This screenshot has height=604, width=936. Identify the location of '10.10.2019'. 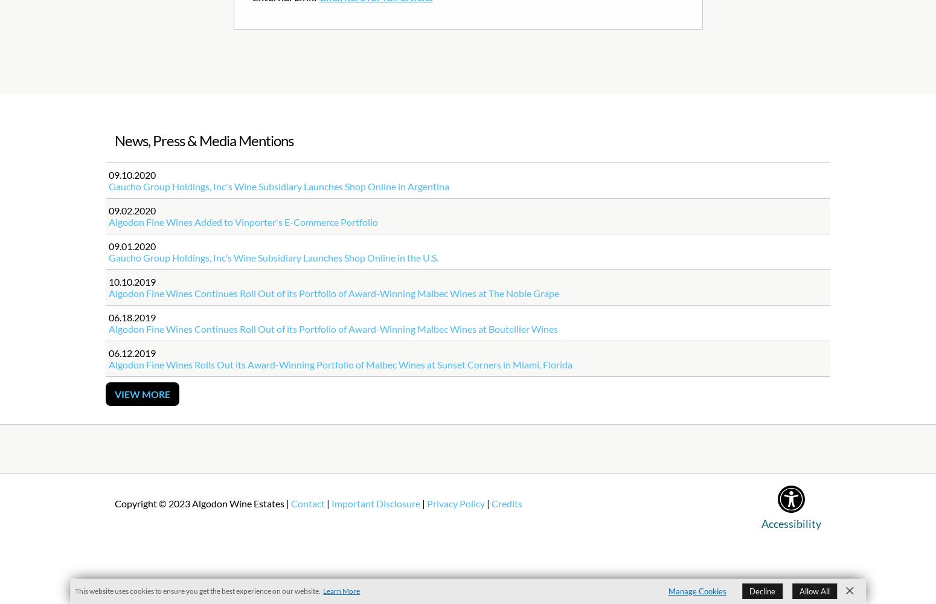
(132, 281).